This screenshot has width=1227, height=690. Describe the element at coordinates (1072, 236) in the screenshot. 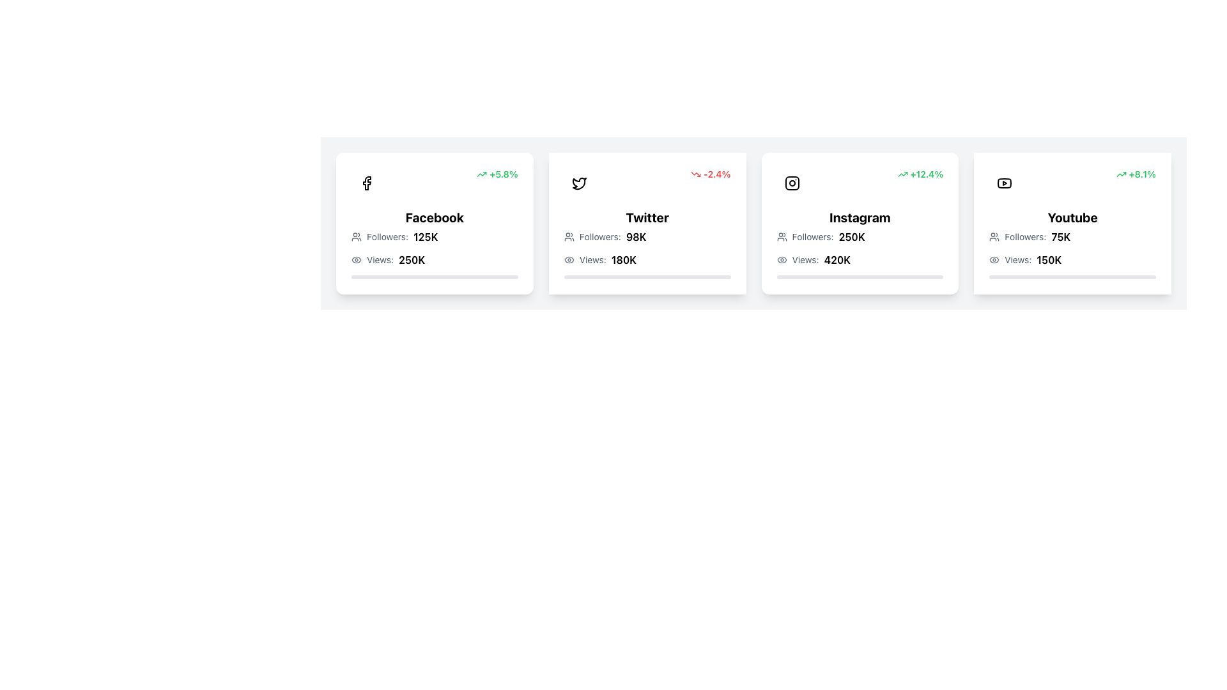

I see `the follower count display in the card titled 'YouTube', located above the 'Views: 150K' data row` at that location.